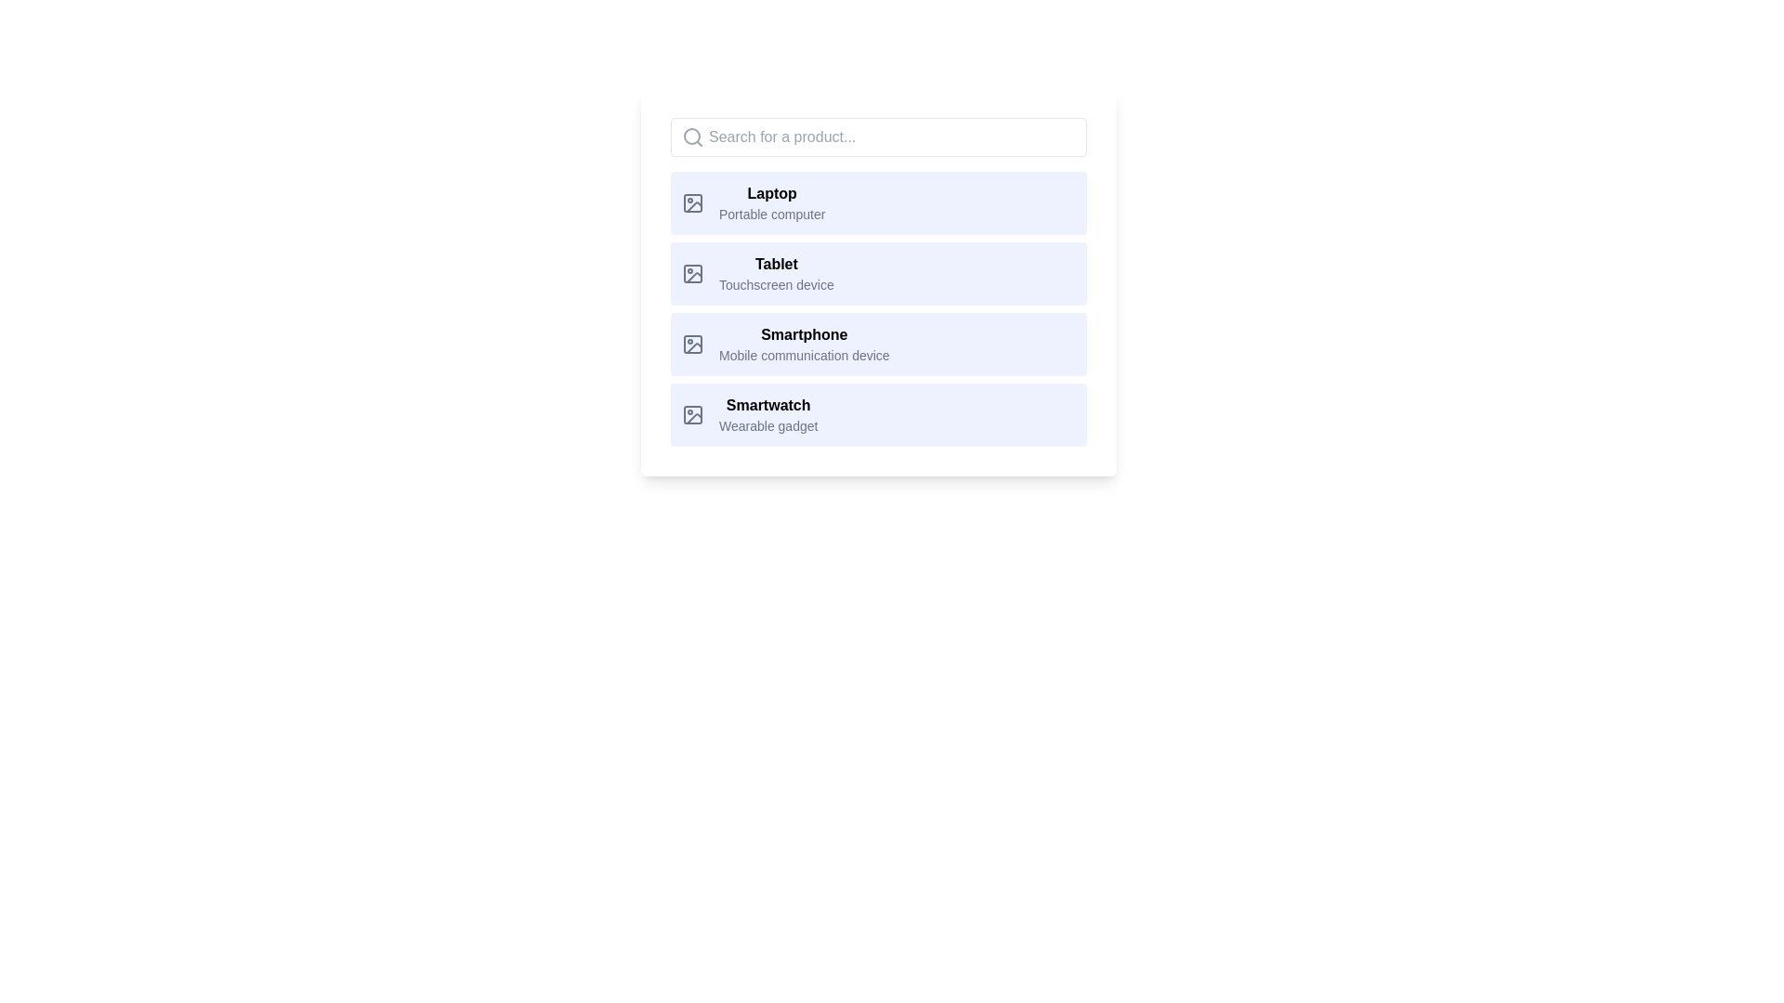 The width and height of the screenshot is (1784, 1003). Describe the element at coordinates (877, 307) in the screenshot. I see `the second item in the vertical list of selection menu which includes 'Tablet' and its subtitle 'Wearable gadget'` at that location.